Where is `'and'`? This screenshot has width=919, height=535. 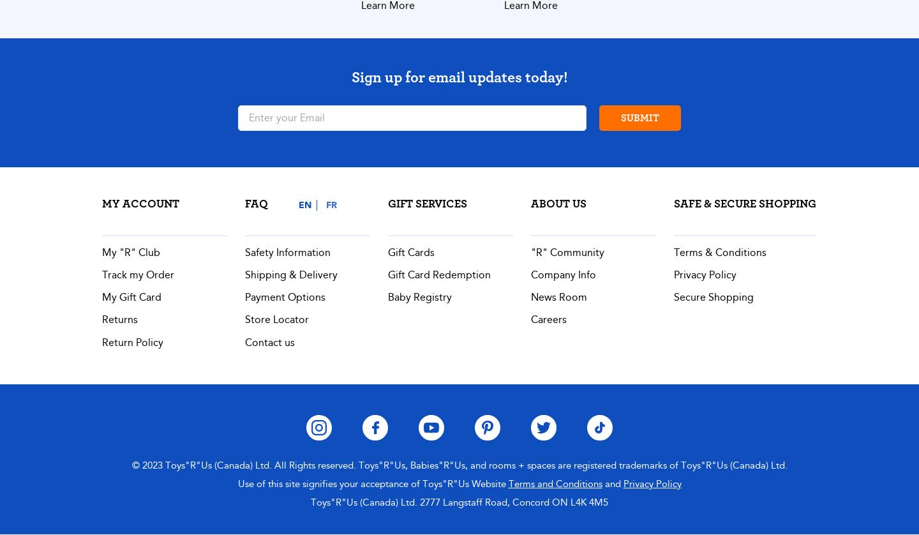 'and' is located at coordinates (612, 482).